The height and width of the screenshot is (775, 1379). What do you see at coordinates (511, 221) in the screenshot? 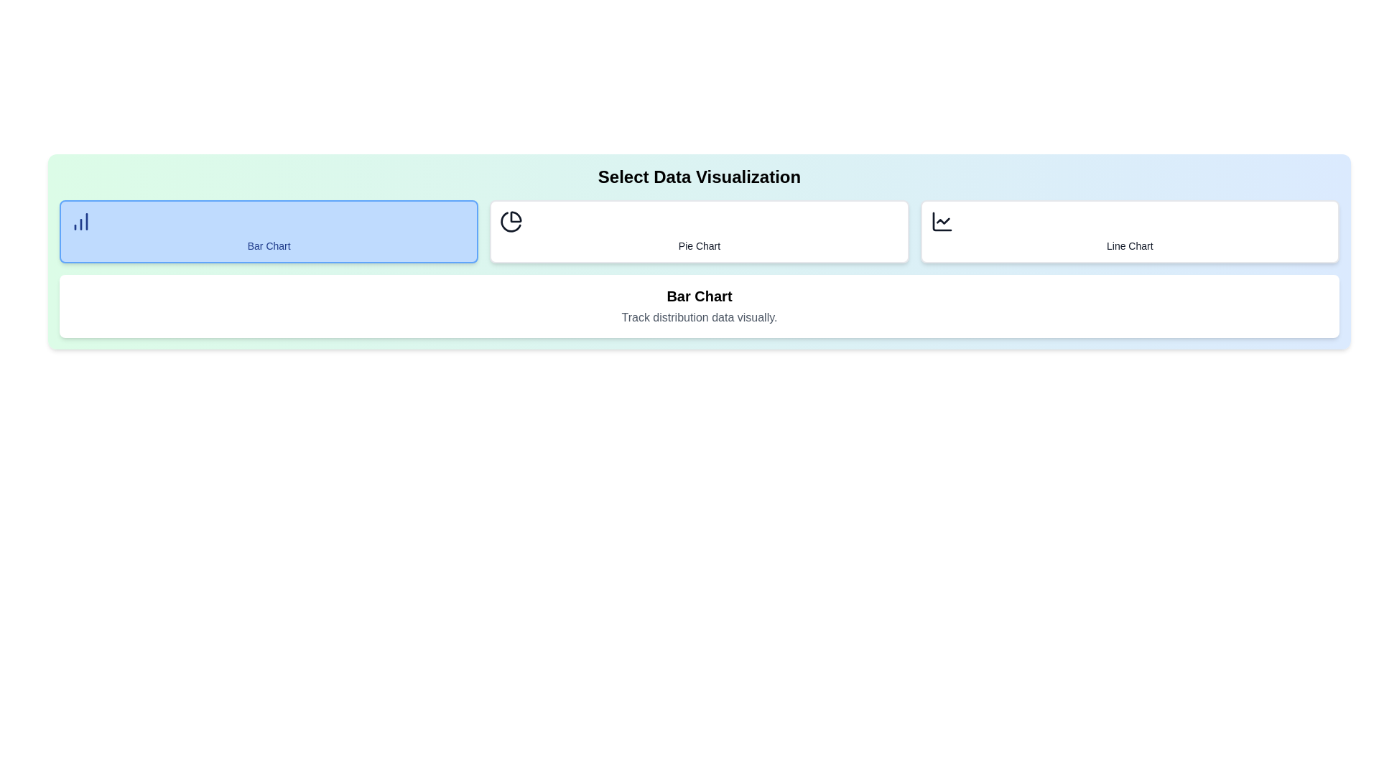
I see `the 'Pie Chart' icon located in the second rectangular option area of the data visualization selection row, positioned to the left of the text 'Pie Chart'` at bounding box center [511, 221].